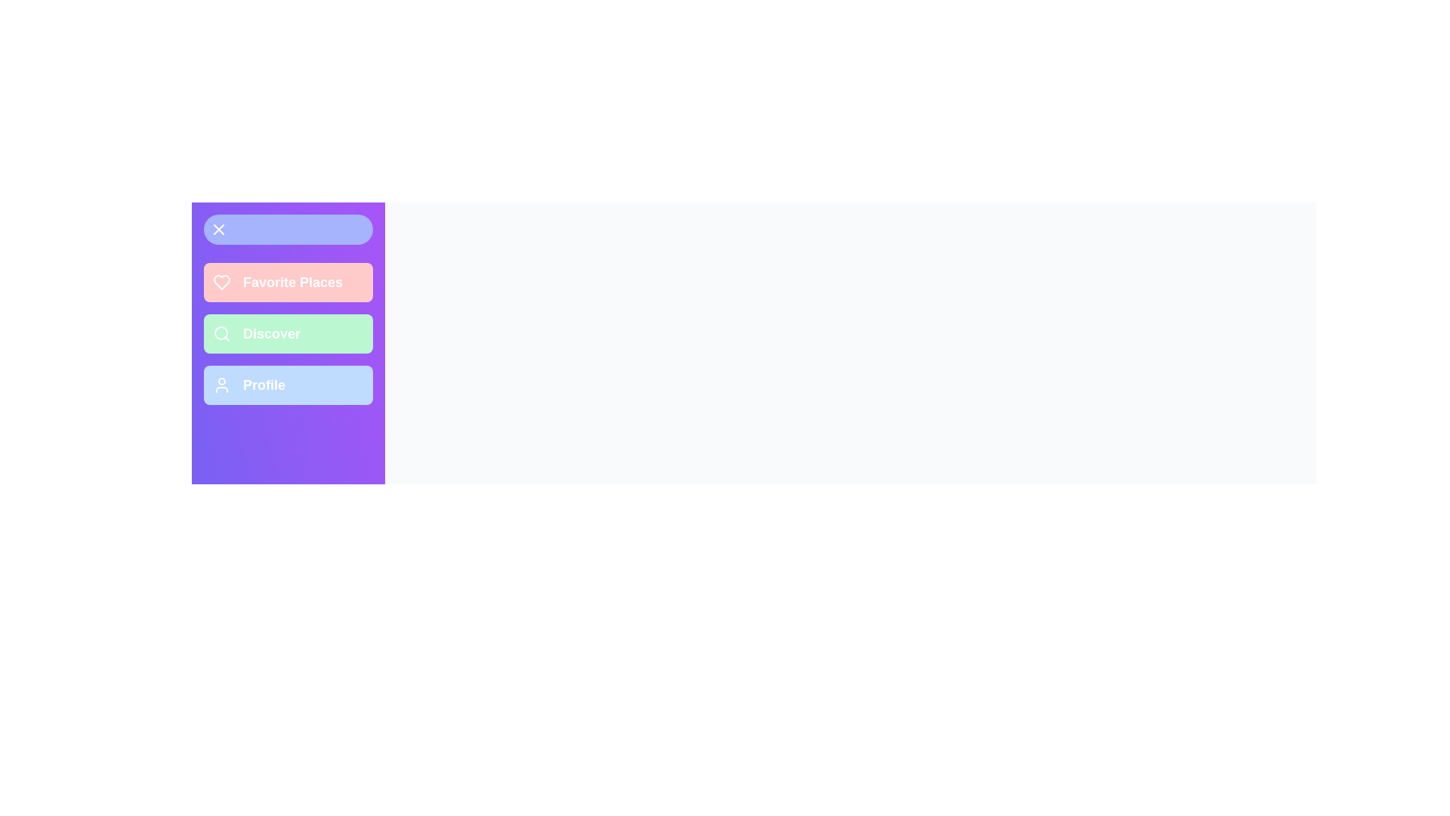 This screenshot has height=816, width=1450. I want to click on the menu item labeled Favorite Places, so click(288, 283).